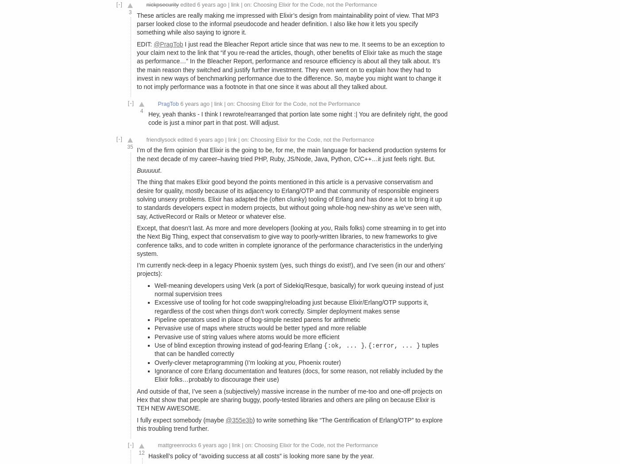 This screenshot has height=464, width=620. What do you see at coordinates (161, 169) in the screenshot?
I see `'.'` at bounding box center [161, 169].